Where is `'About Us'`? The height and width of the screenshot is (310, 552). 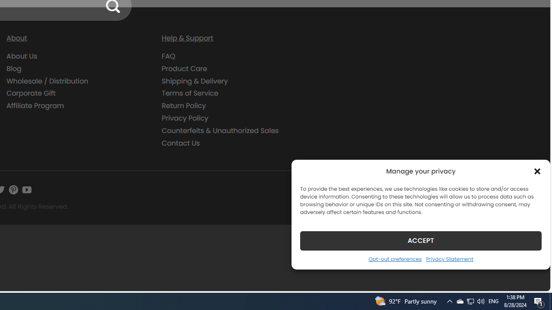 'About Us' is located at coordinates (22, 56).